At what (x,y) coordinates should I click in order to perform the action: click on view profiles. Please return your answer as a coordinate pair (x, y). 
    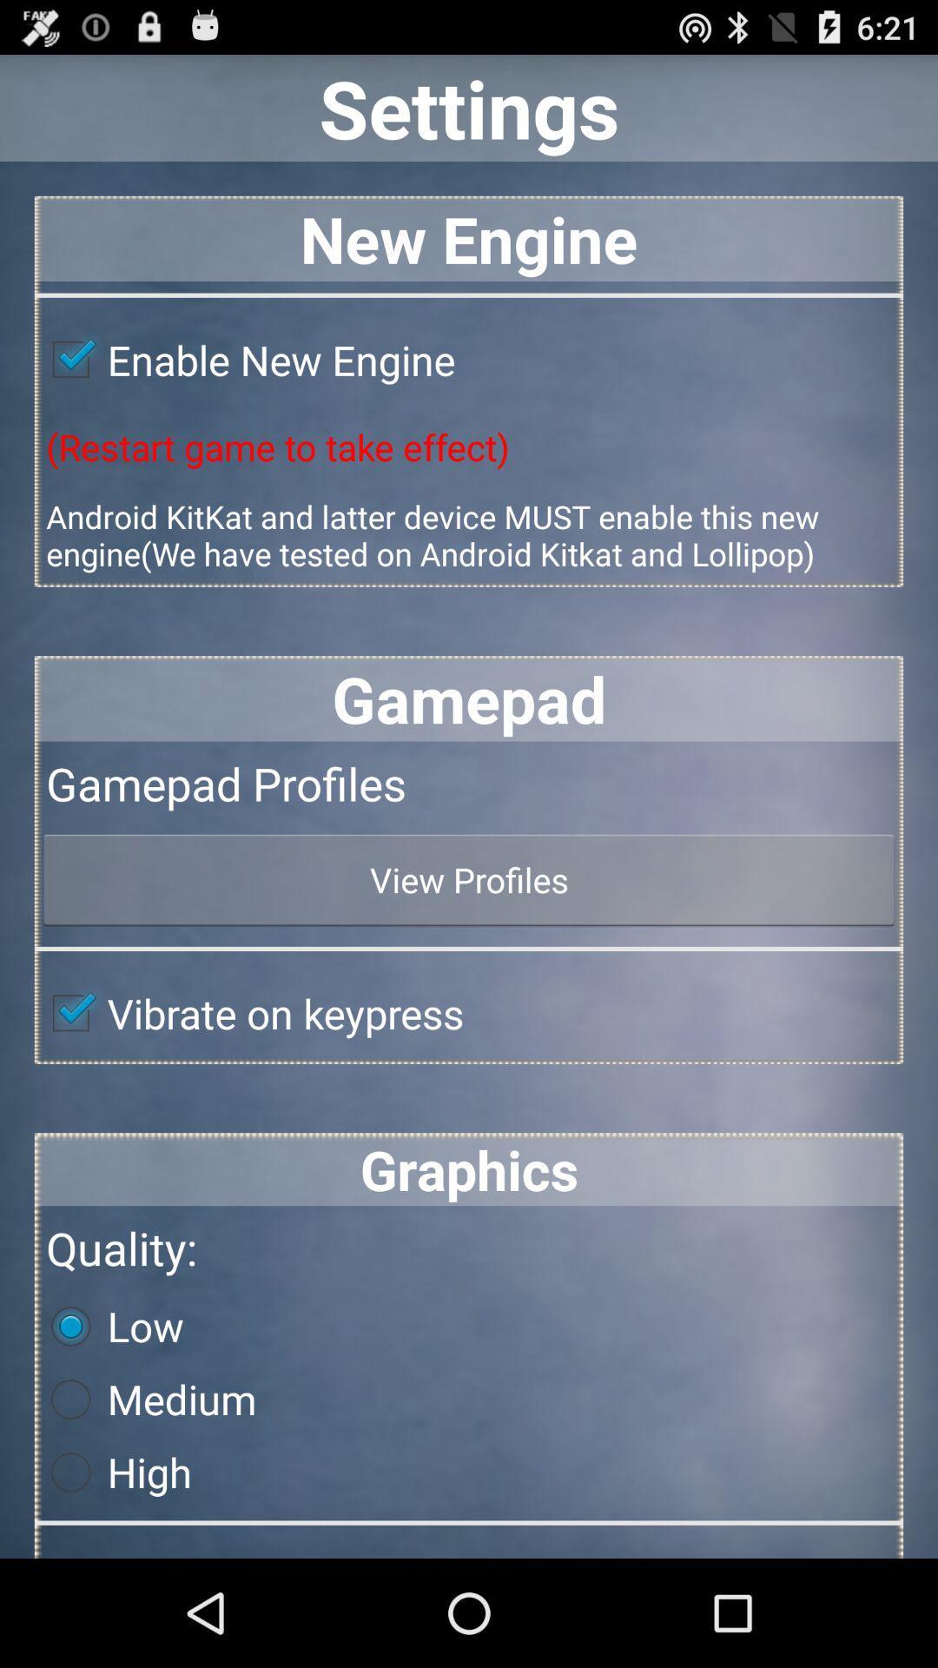
    Looking at the image, I should click on (469, 879).